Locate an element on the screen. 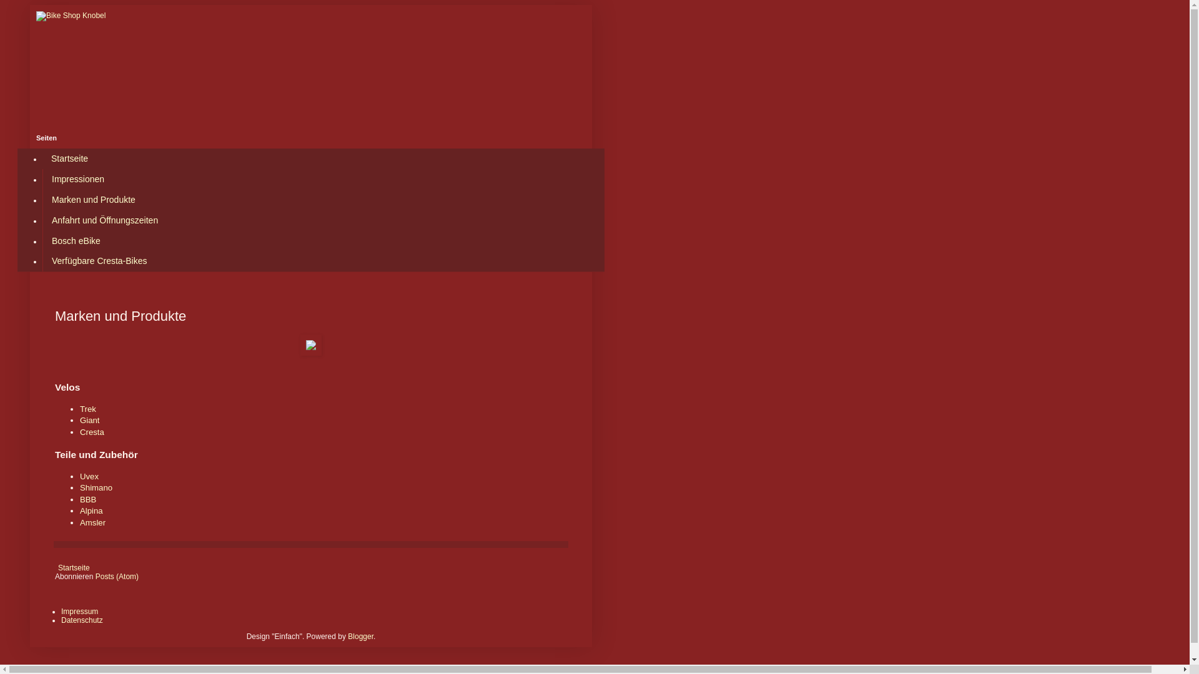 This screenshot has height=674, width=1199. 'Posts (Atom)' is located at coordinates (117, 577).